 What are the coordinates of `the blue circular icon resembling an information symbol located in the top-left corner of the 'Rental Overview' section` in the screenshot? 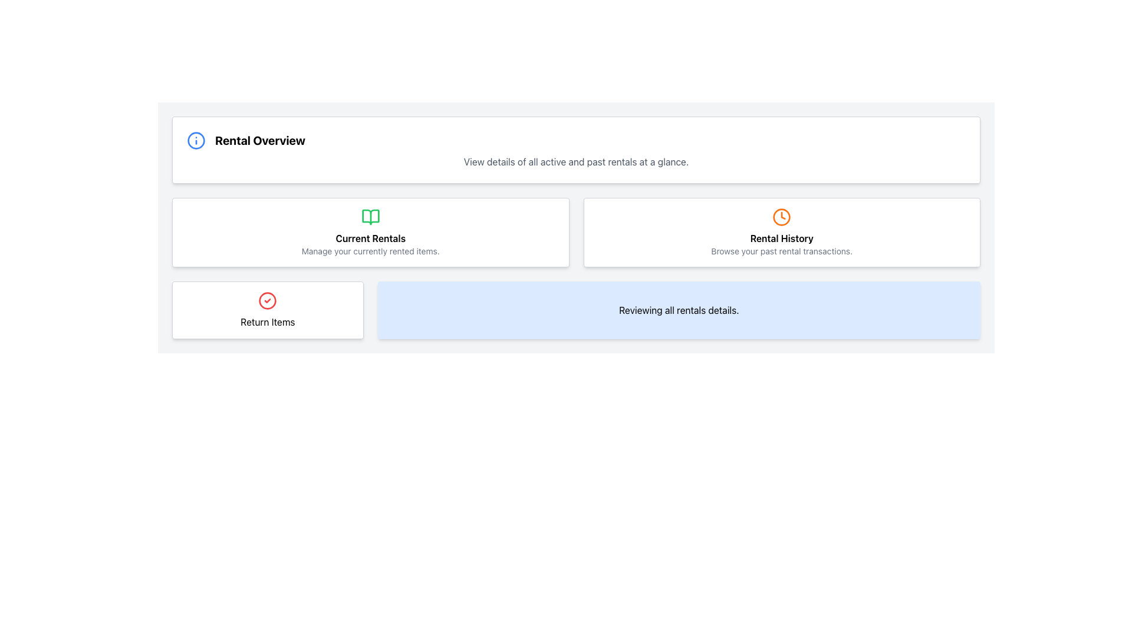 It's located at (196, 140).